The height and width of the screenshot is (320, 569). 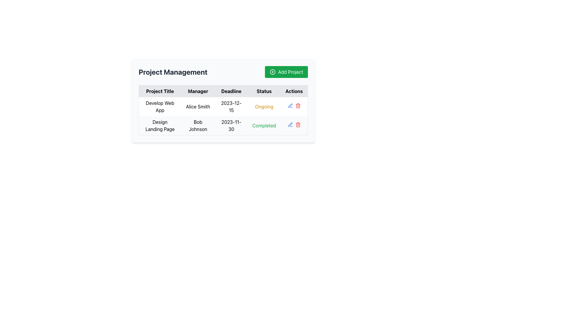 I want to click on the text label displaying 'Bob Johnson' in the second cell of the 'Manager' column in the second row of the table, so click(x=198, y=125).